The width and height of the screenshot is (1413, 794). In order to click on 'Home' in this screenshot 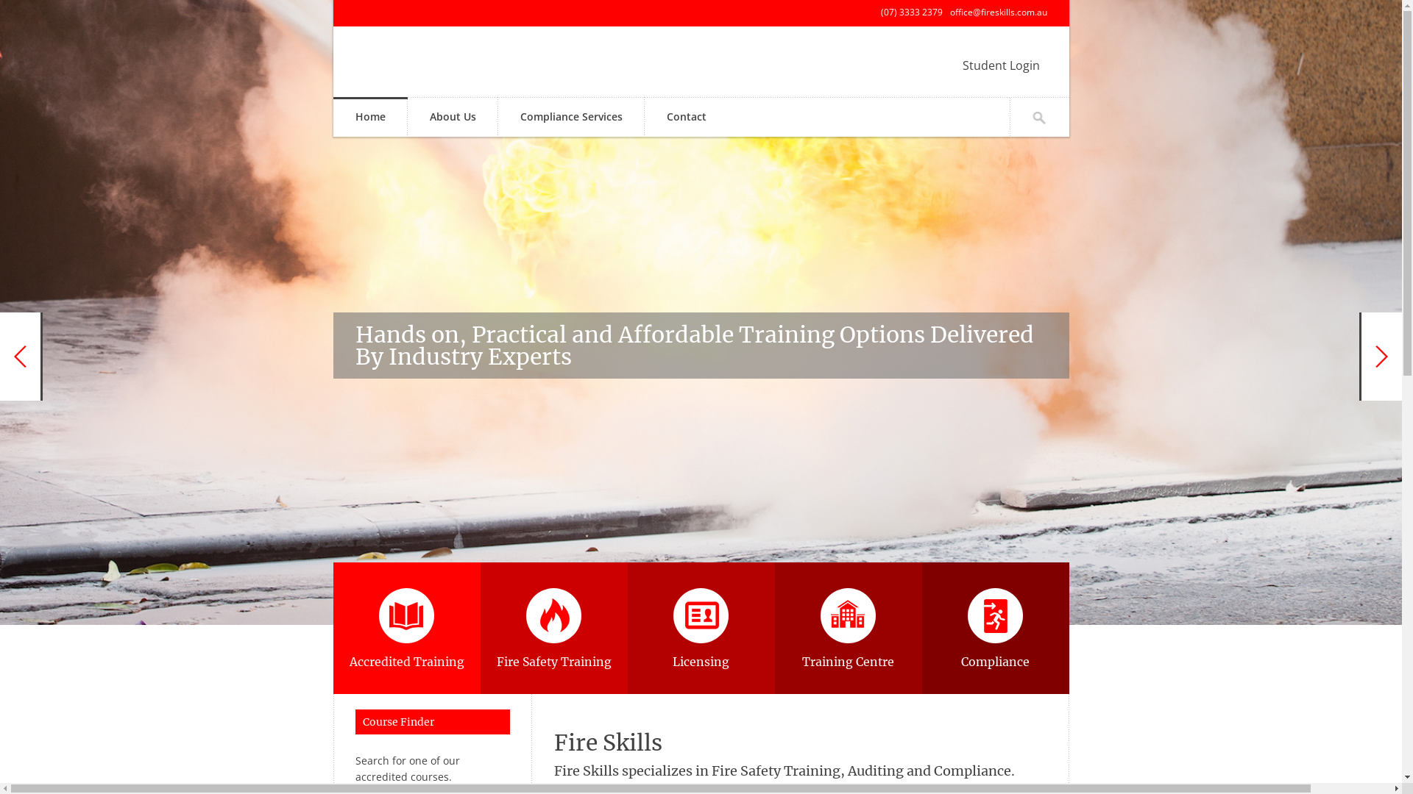, I will do `click(369, 117)`.